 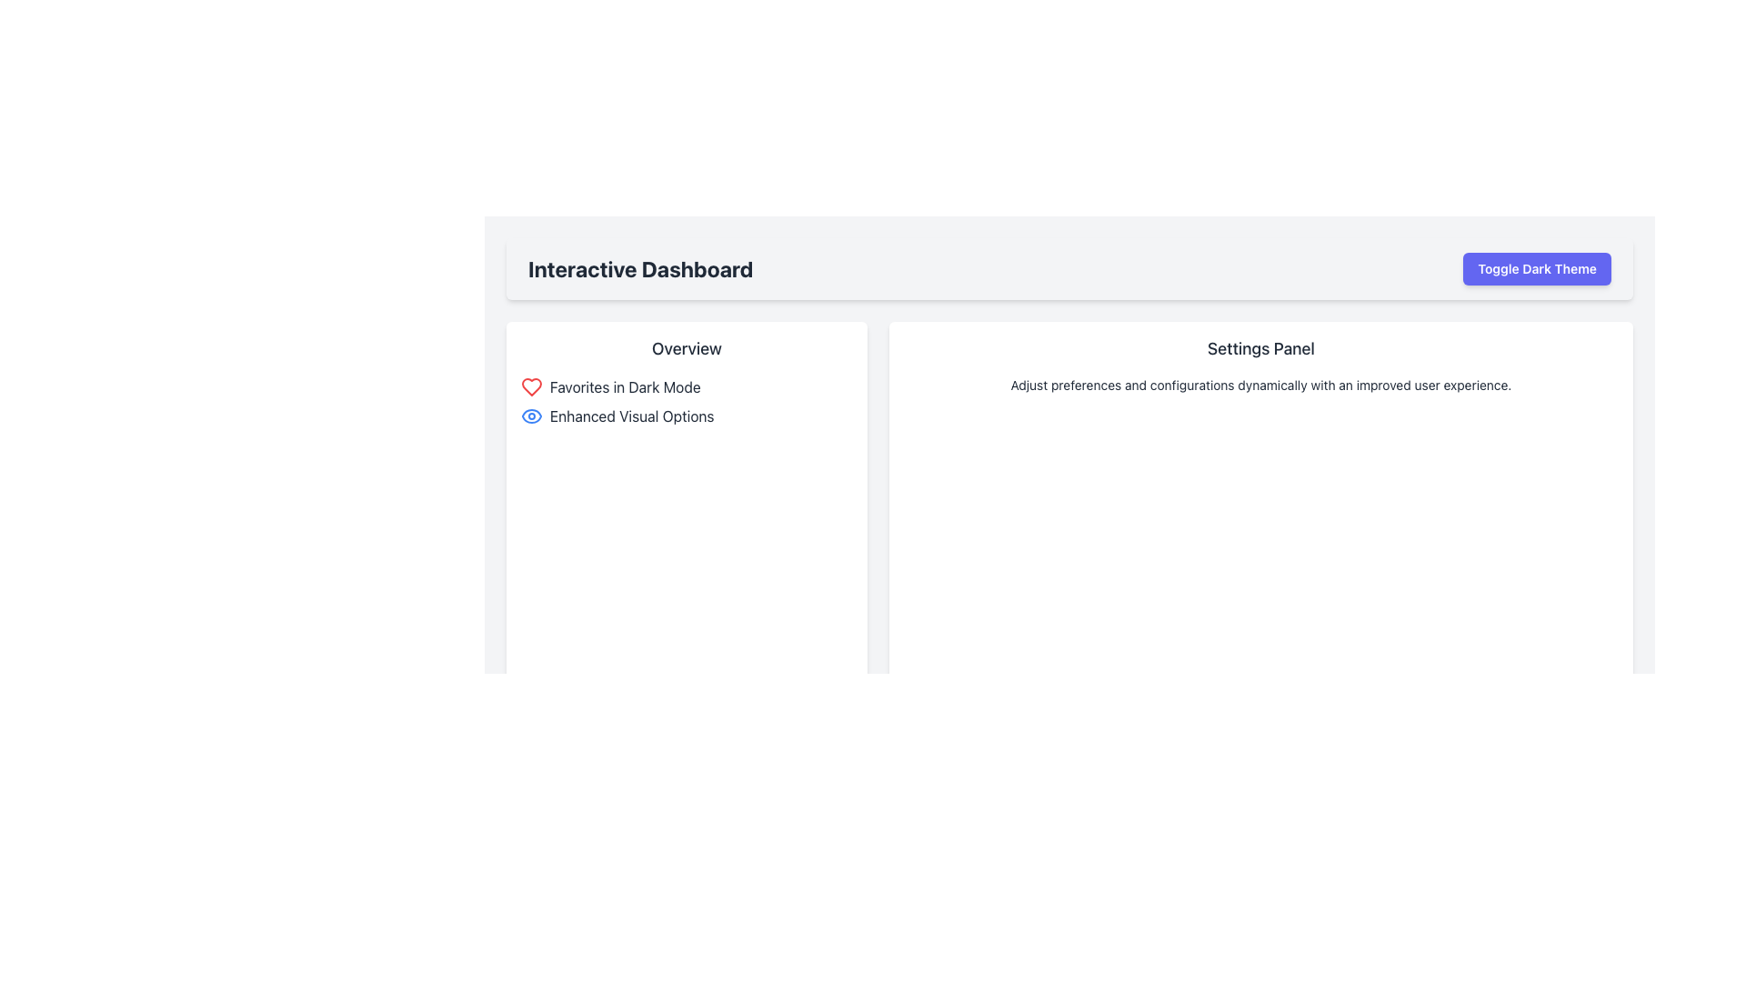 What do you see at coordinates (531, 416) in the screenshot?
I see `the blue eye-shaped icon located in the 'Overview' section` at bounding box center [531, 416].